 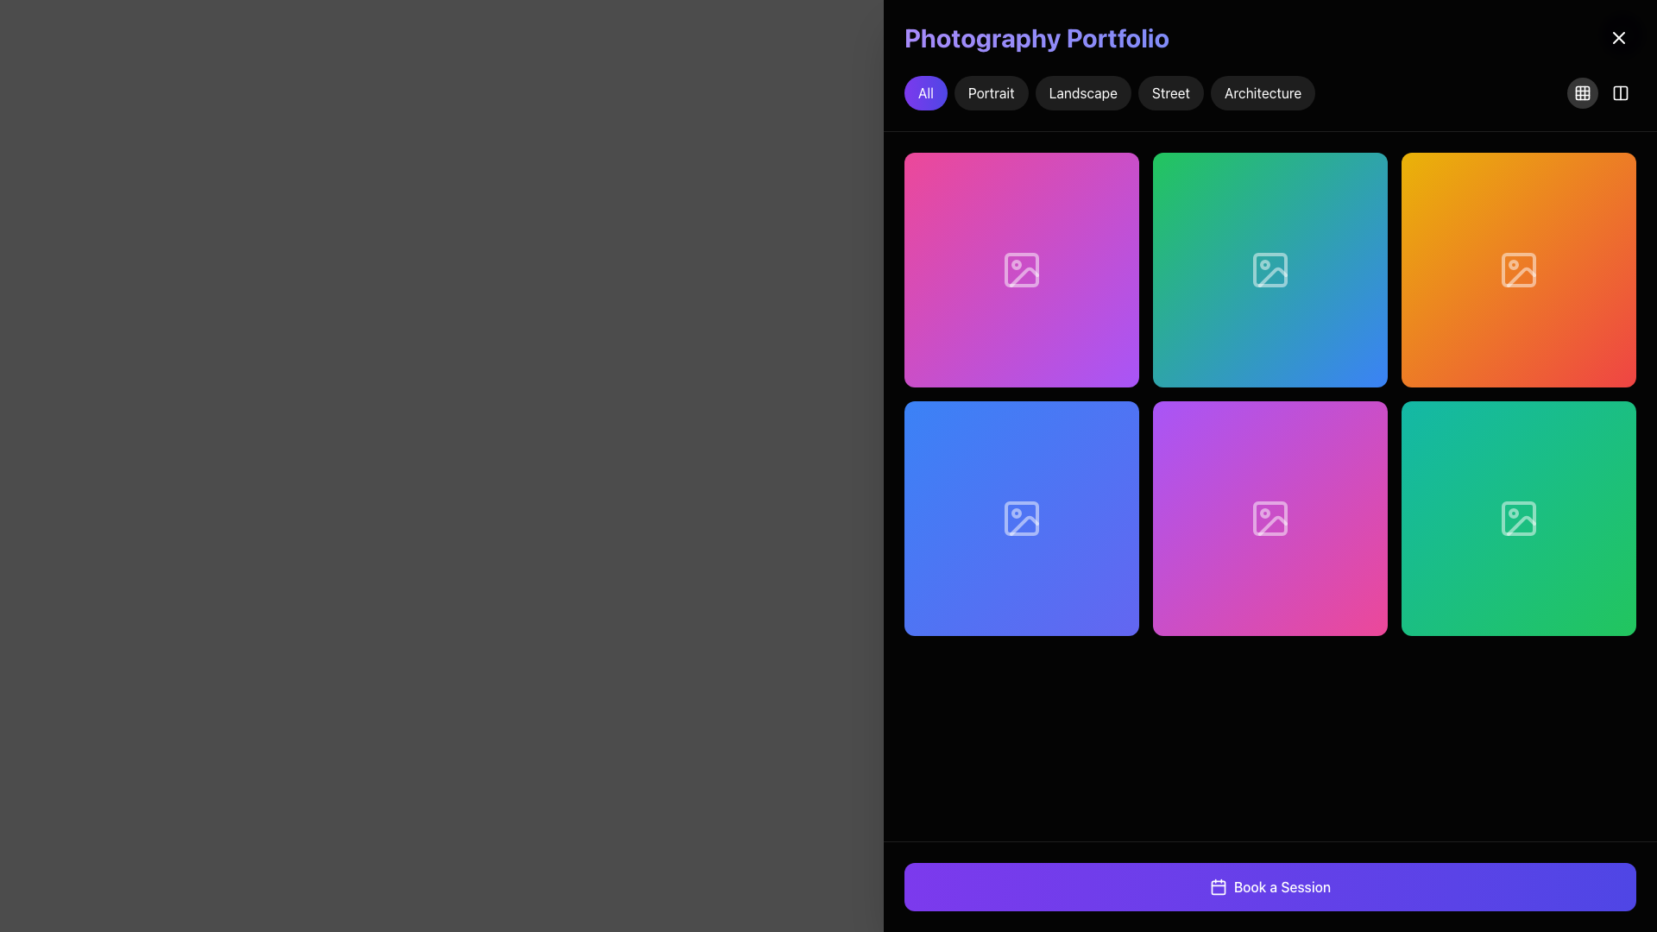 I want to click on the icon representing an image with a magenta gradient background, featuring mountains and a circular sun or moon in the rightmost column of a 3x2 grid layout, so click(x=1270, y=518).